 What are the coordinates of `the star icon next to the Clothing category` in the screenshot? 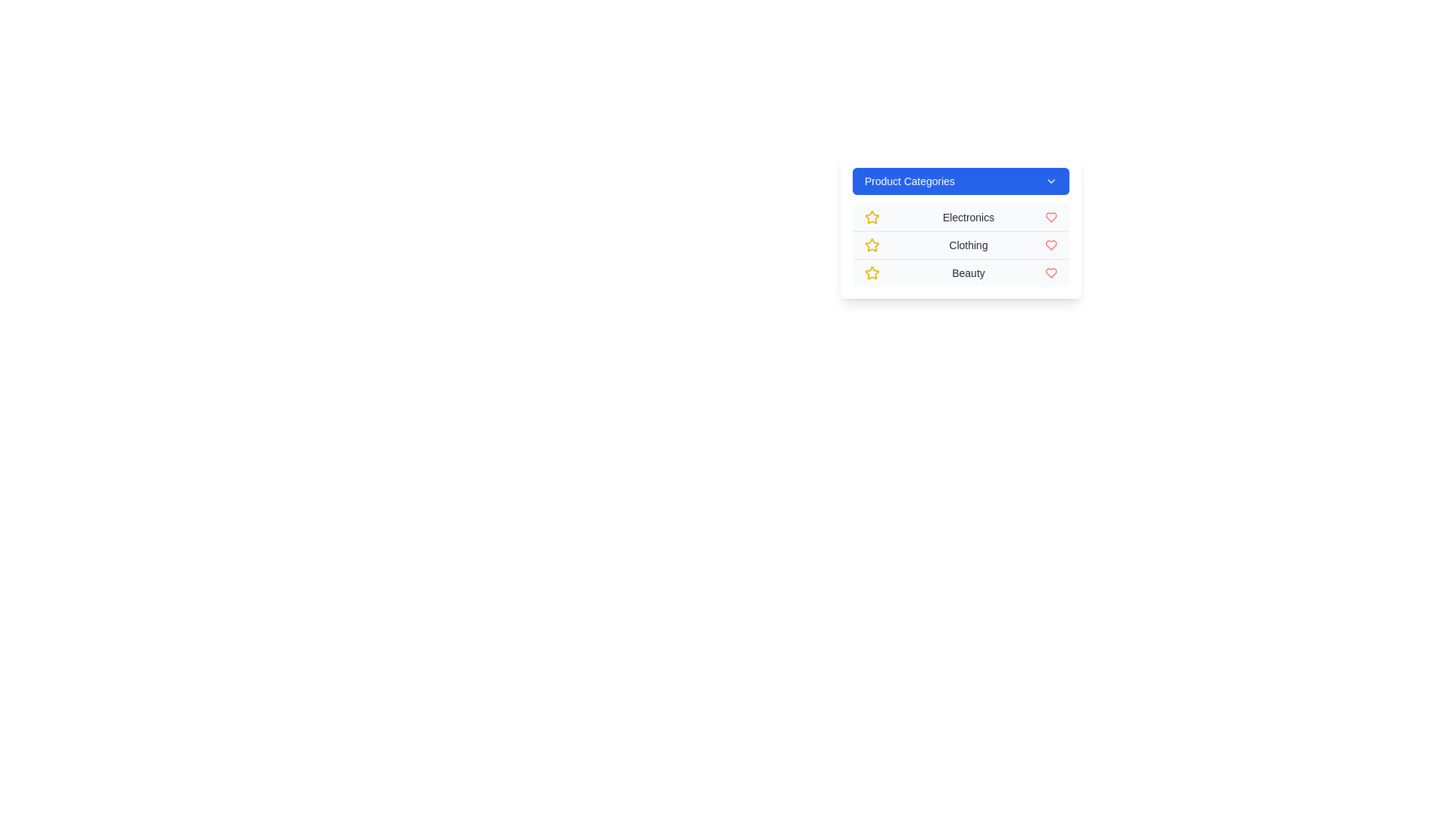 It's located at (872, 245).